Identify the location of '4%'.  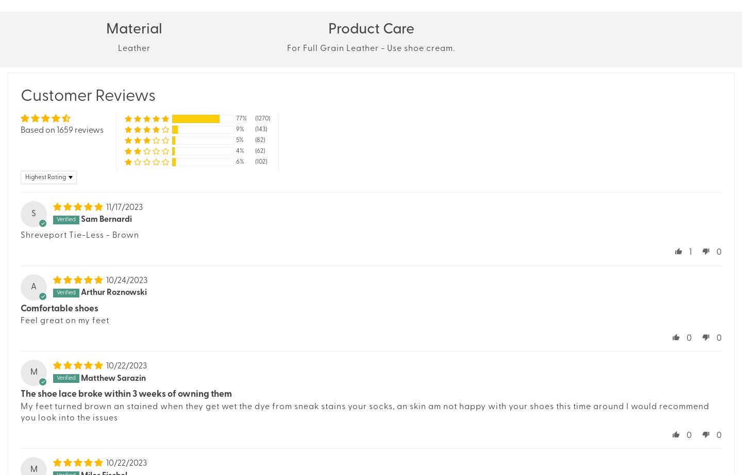
(236, 150).